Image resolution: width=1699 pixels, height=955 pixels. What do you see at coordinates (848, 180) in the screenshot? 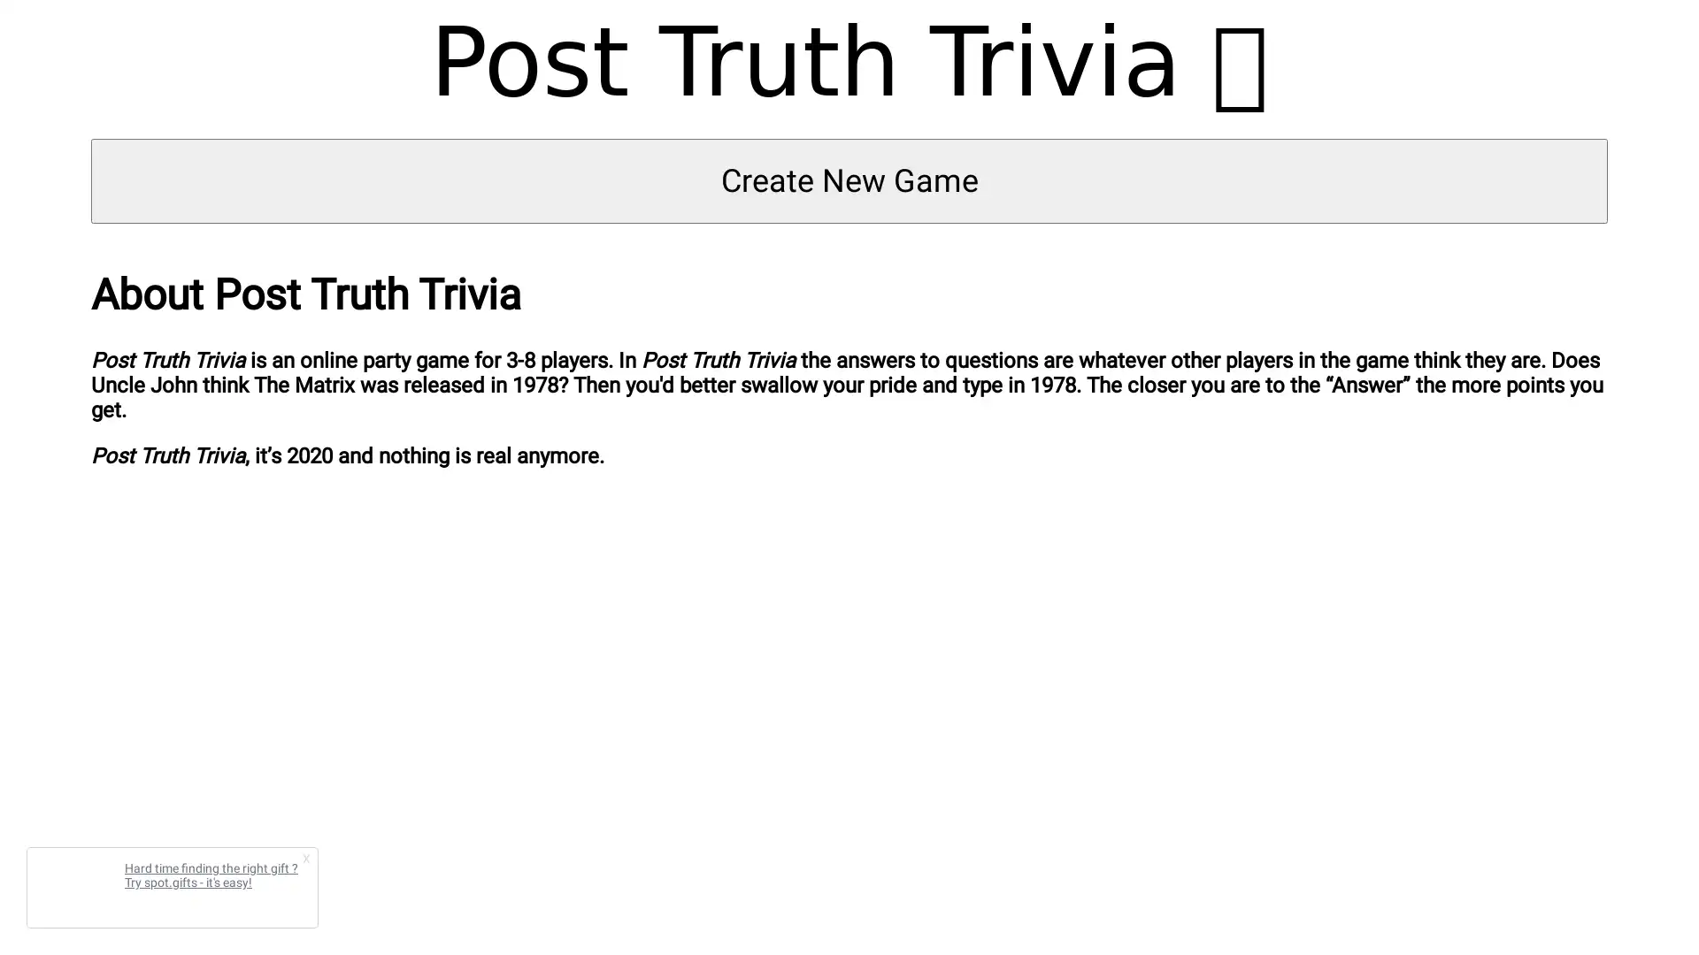
I see `Create New Game` at bounding box center [848, 180].